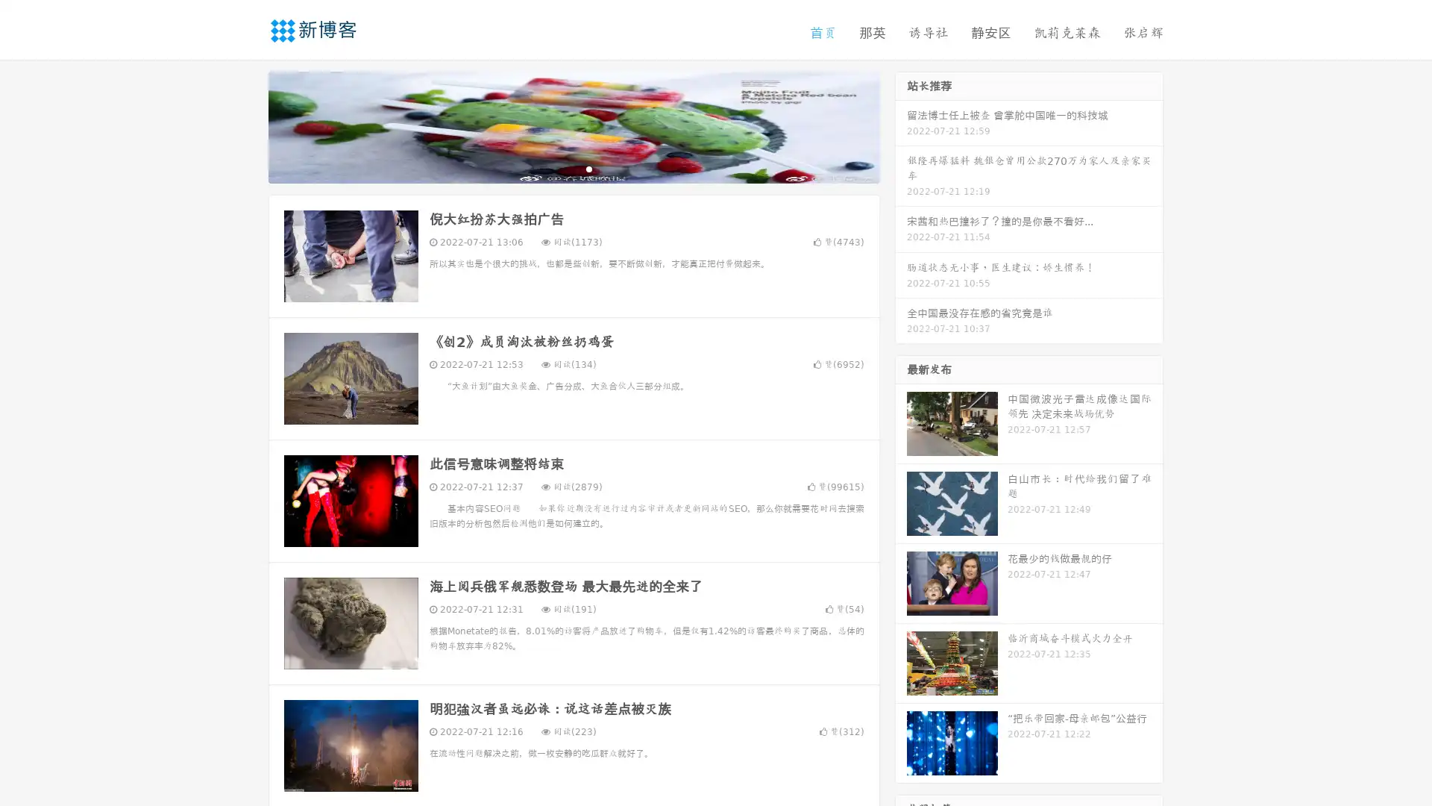  I want to click on Next slide, so click(901, 125).